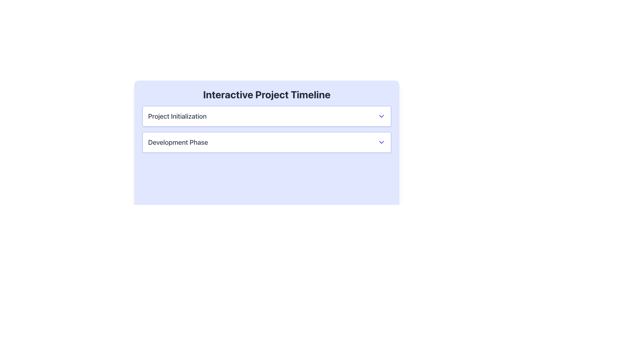 This screenshot has height=361, width=642. I want to click on the icon located at the far-right end of the row labeled 'Project Initialization', so click(382, 116).